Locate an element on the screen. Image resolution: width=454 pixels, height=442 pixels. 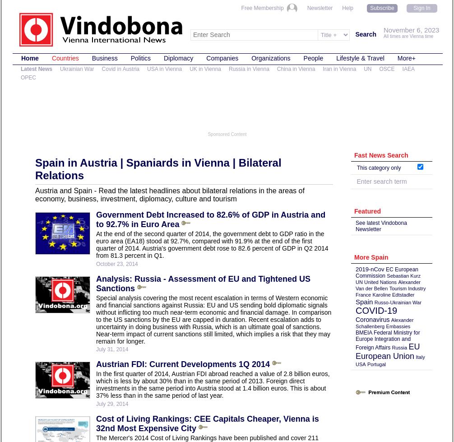
'Subscribe' is located at coordinates (381, 8).